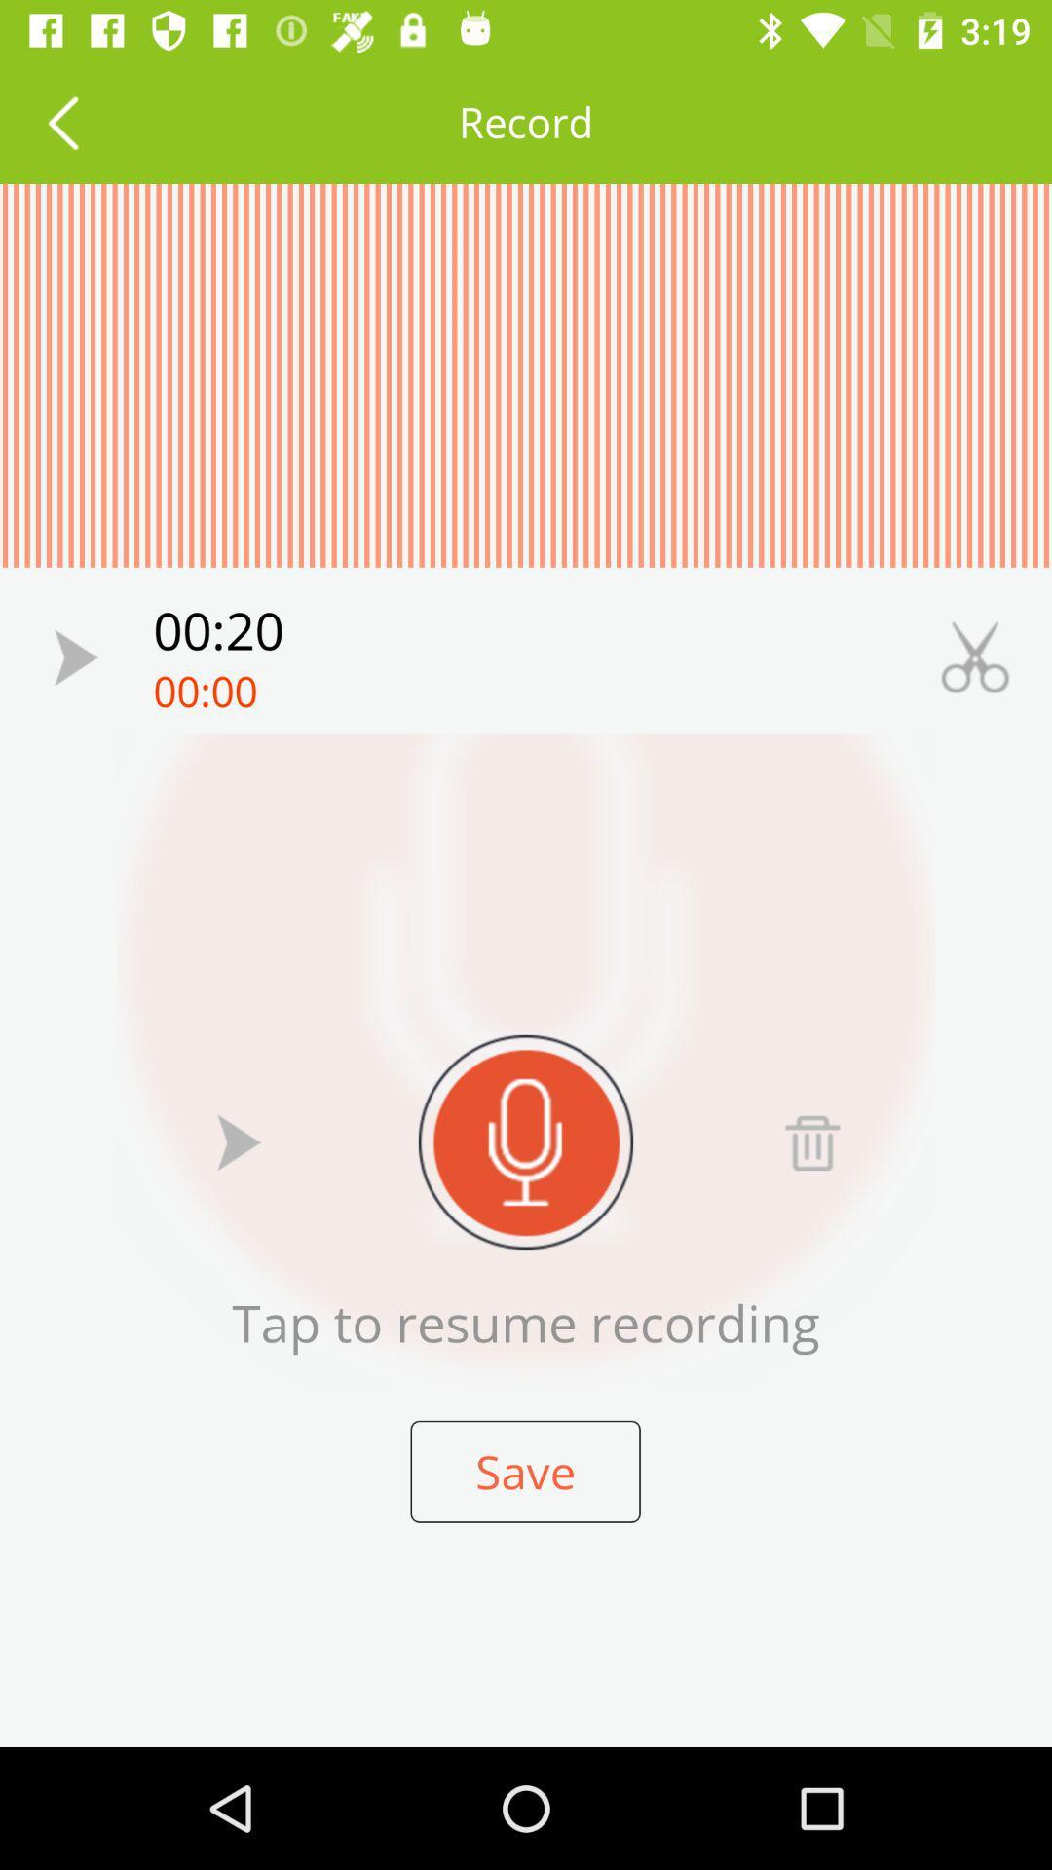 The image size is (1052, 1870). Describe the element at coordinates (239, 1141) in the screenshot. I see `button` at that location.